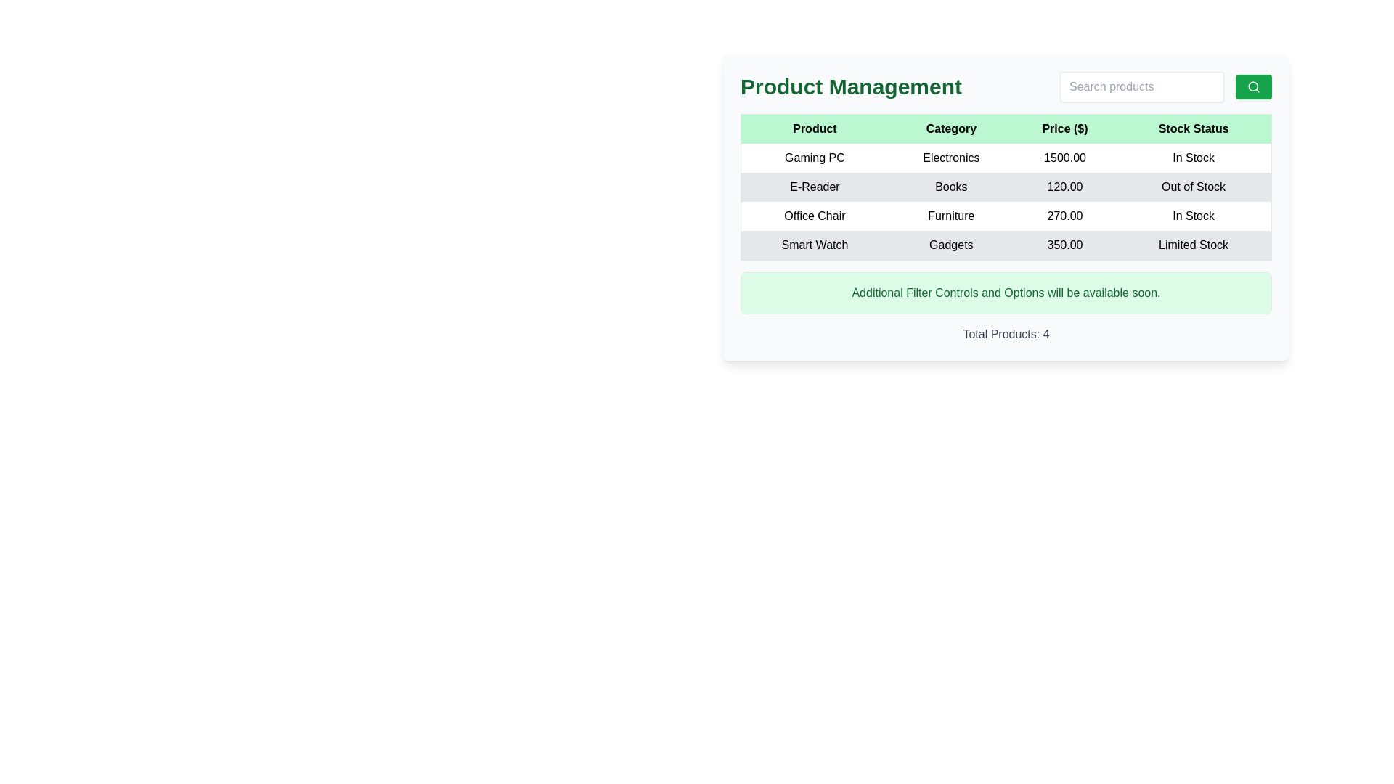 This screenshot has width=1394, height=784. What do you see at coordinates (1065, 216) in the screenshot?
I see `displayed price information for the 'Office Chair' product from the text label in the third column of the table` at bounding box center [1065, 216].